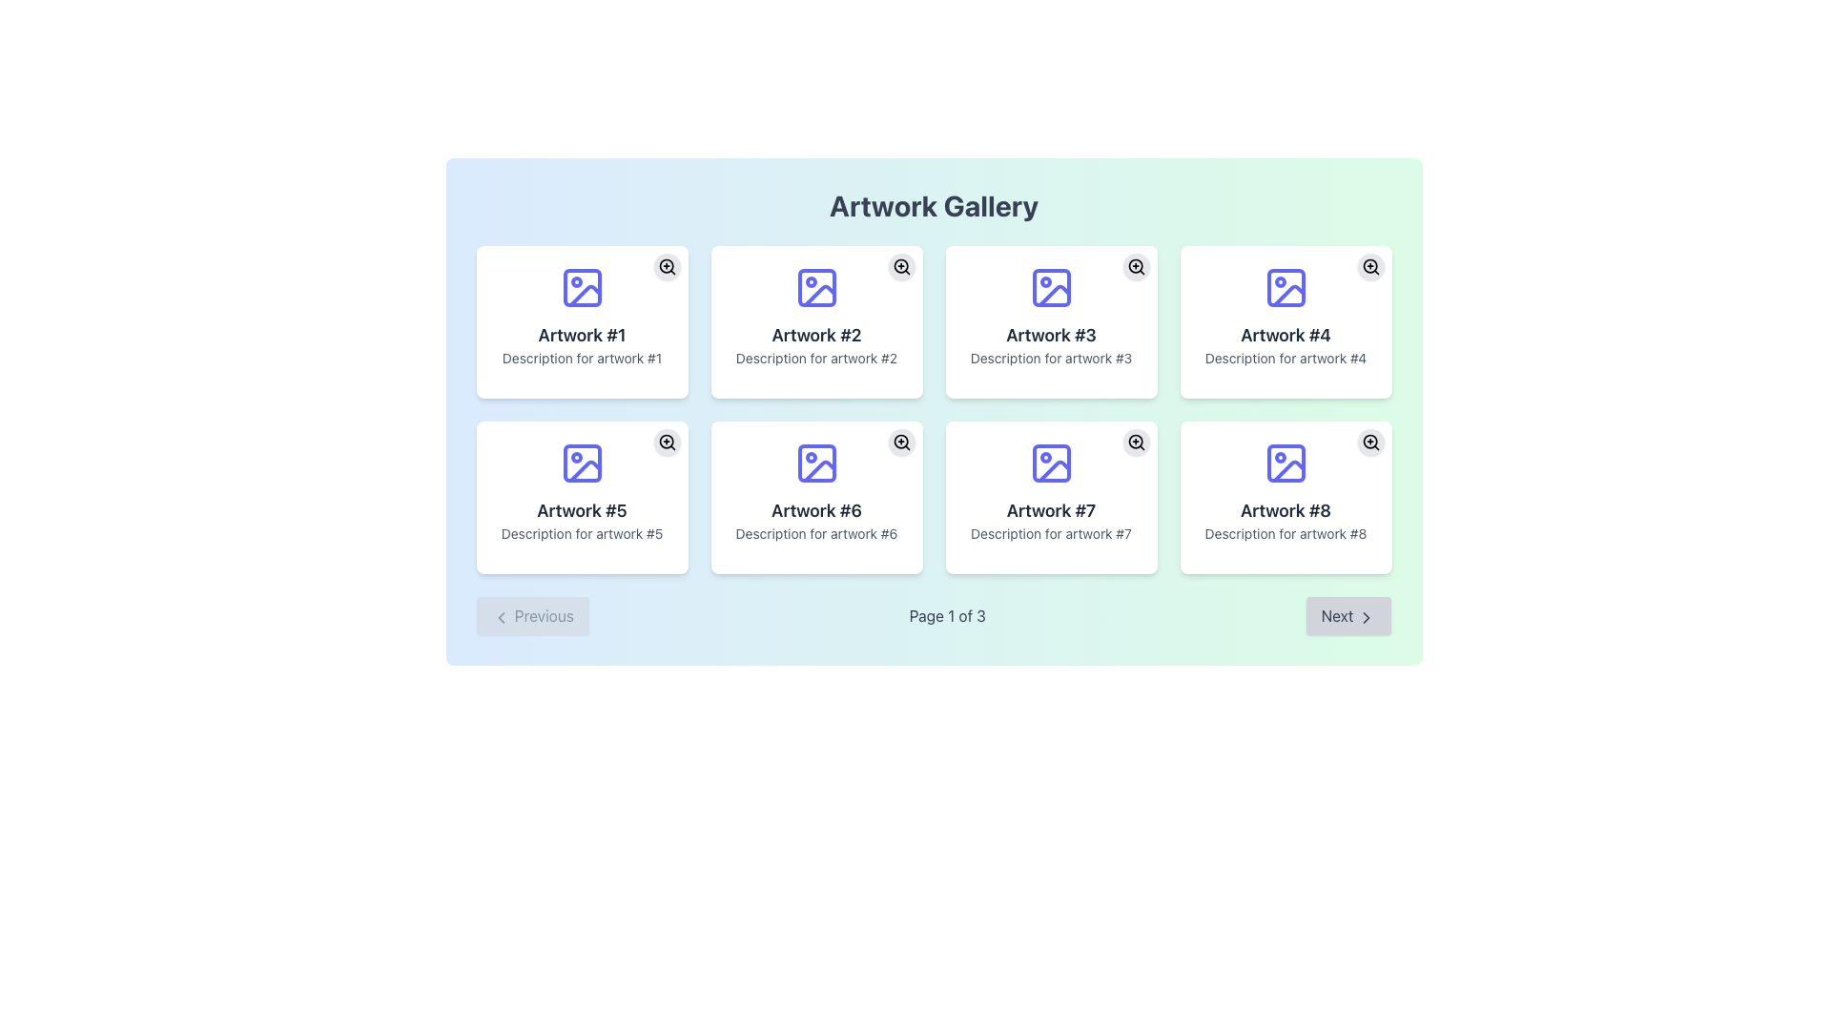 The image size is (1831, 1030). What do you see at coordinates (666, 442) in the screenshot?
I see `the circular graphical component inside the magnifying glass icon located at the top-right corner of the 'Artwork #5' card` at bounding box center [666, 442].